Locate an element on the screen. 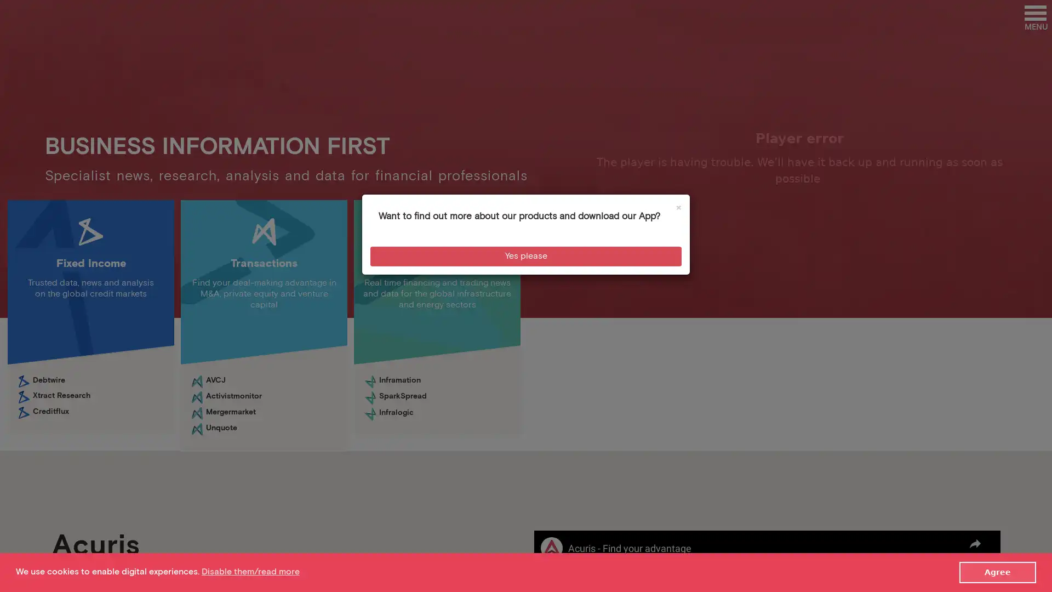 This screenshot has width=1052, height=592. learn more about cookies is located at coordinates (249, 571).